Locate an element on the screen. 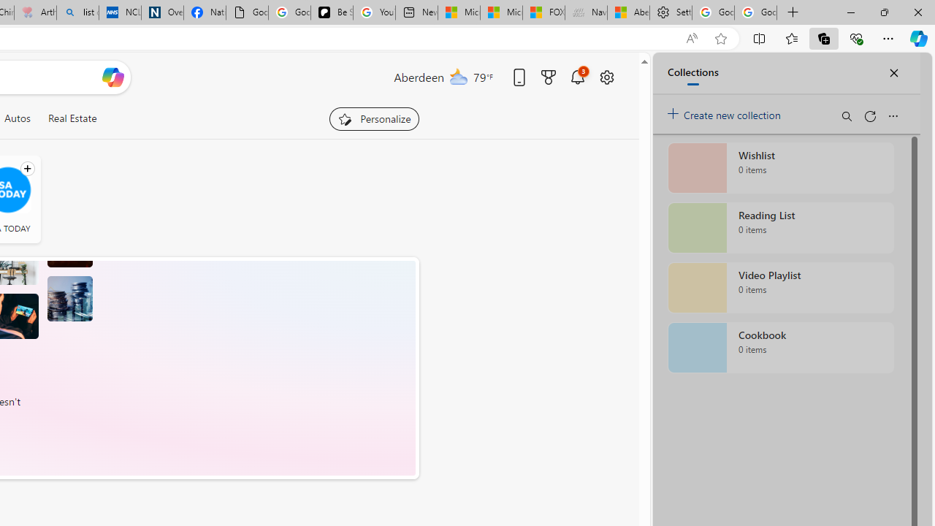  'NCL Adult Asthma Inhaler Choice Guideline' is located at coordinates (120, 12).